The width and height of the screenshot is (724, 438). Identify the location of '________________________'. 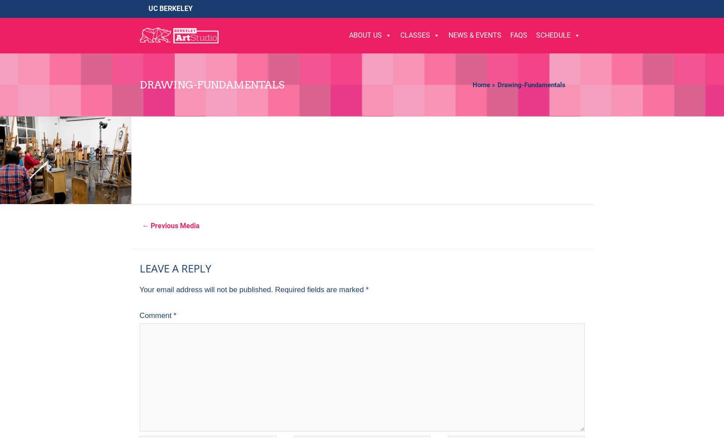
(436, 172).